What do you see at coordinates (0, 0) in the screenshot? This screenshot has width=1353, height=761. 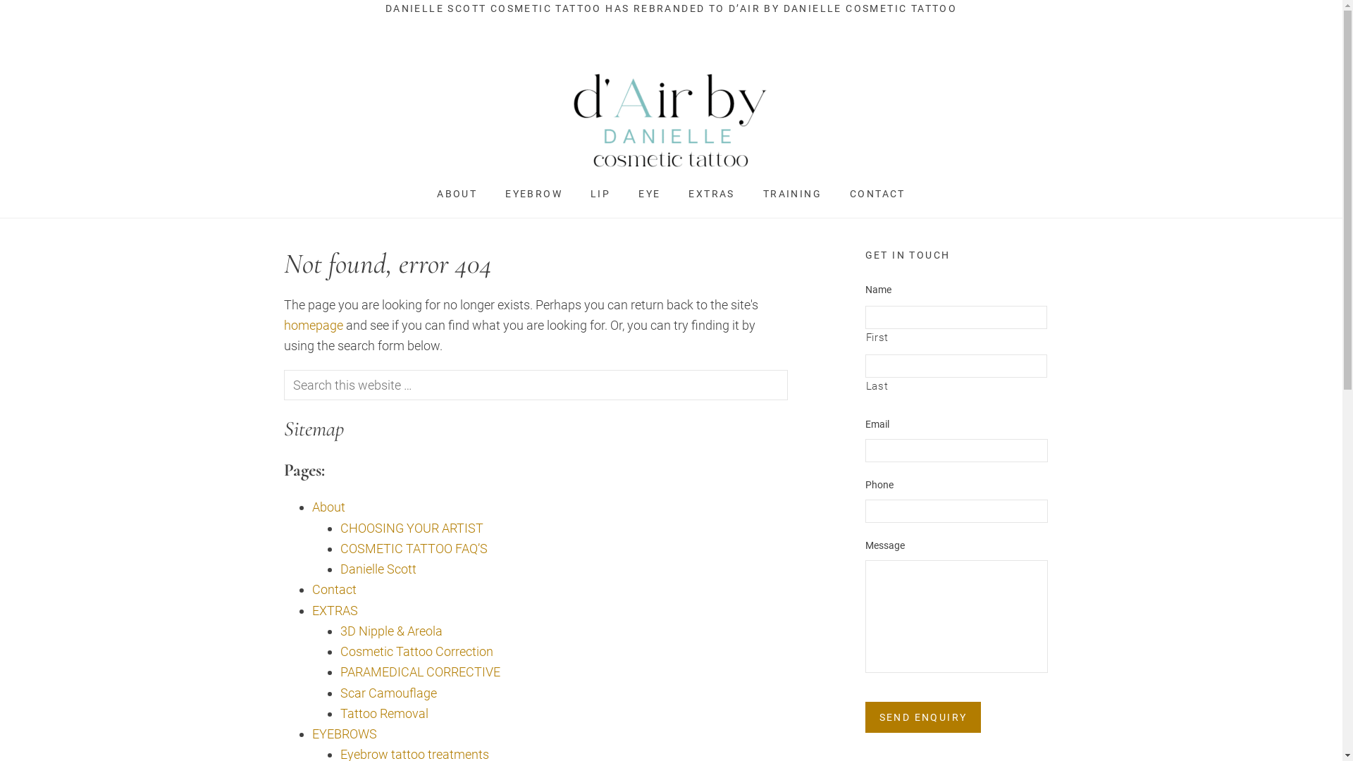 I see `'Skip to content'` at bounding box center [0, 0].